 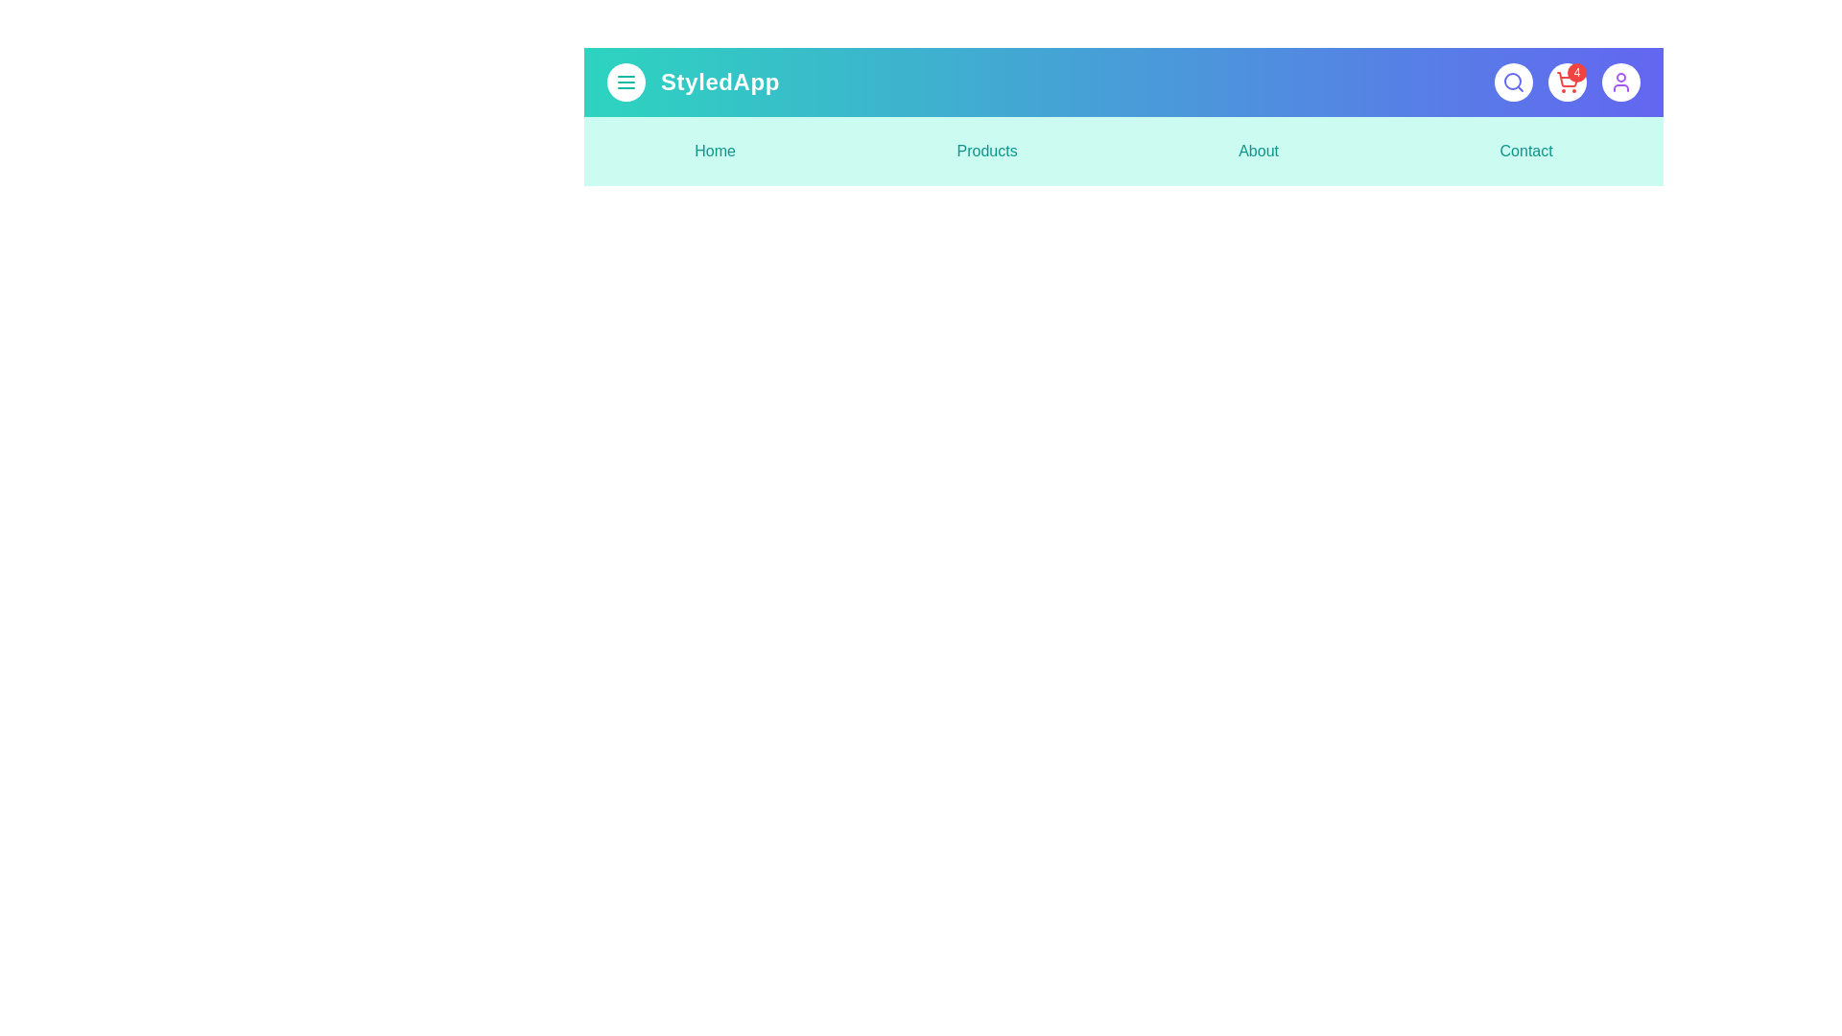 I want to click on the user icon to access user profile options, so click(x=1619, y=81).